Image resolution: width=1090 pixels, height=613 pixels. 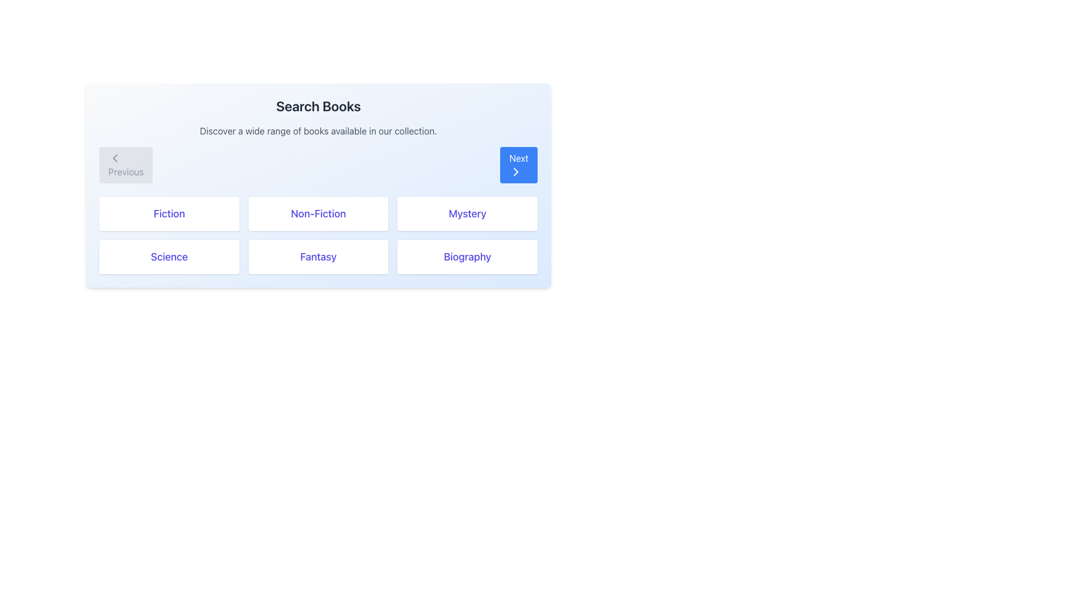 I want to click on the chevron SVG graphic located within the 'Next' button on the right side of the interface, which visually indicates a forward action, so click(x=515, y=172).